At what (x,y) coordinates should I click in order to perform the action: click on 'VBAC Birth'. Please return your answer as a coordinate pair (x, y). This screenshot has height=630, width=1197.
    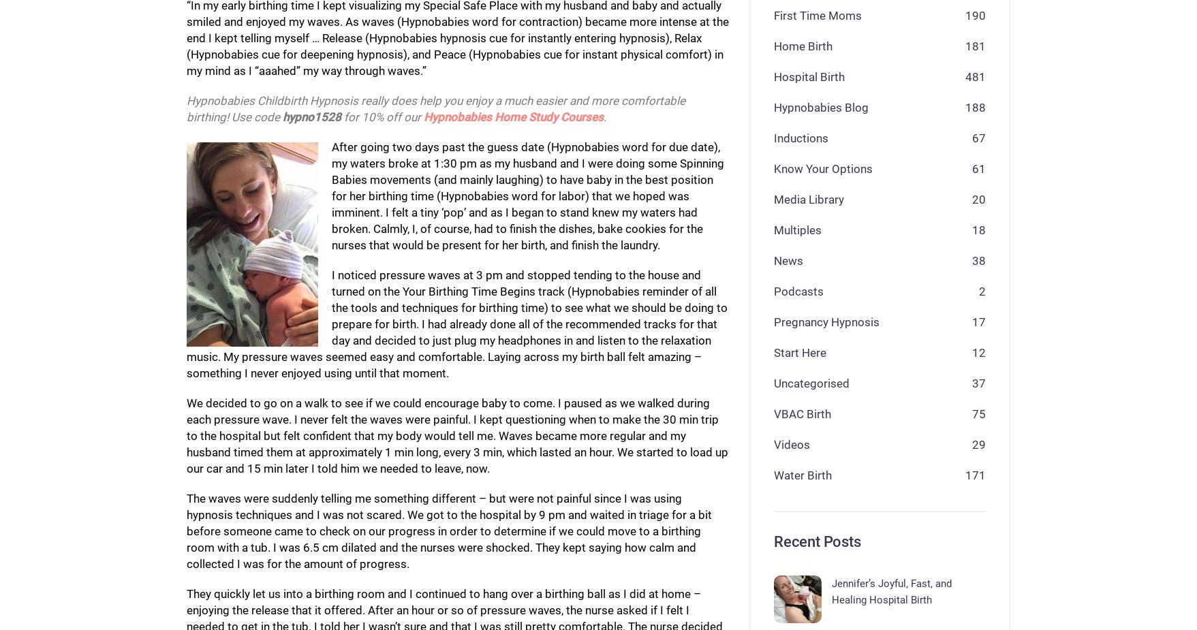
    Looking at the image, I should click on (802, 413).